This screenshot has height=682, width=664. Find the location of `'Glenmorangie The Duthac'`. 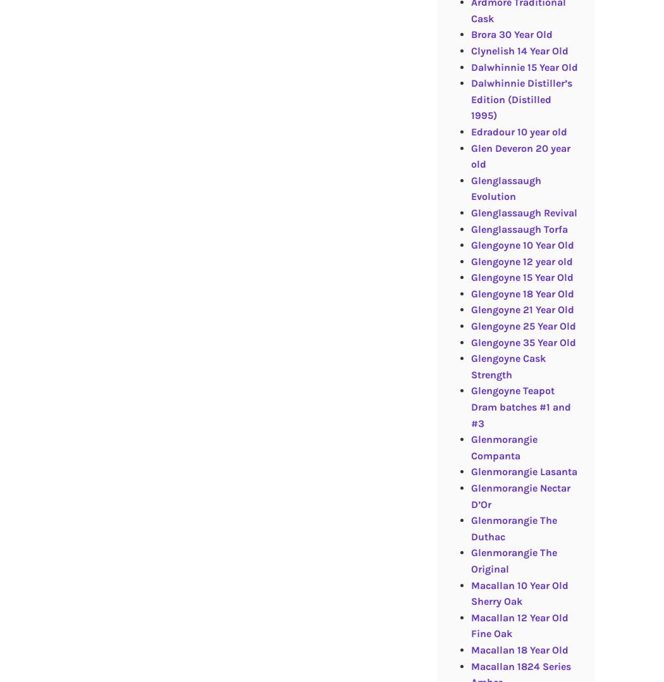

'Glenmorangie The Duthac' is located at coordinates (512, 528).